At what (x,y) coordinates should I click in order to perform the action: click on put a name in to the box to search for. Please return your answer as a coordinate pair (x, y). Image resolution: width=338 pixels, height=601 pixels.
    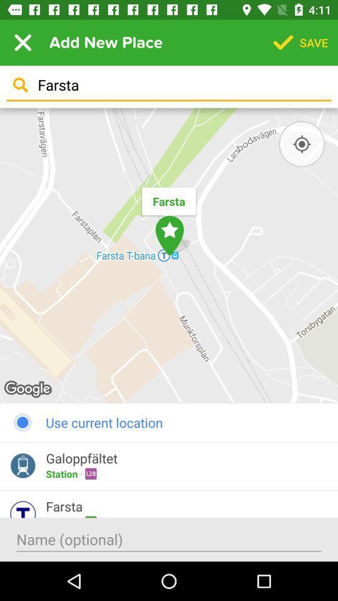
    Looking at the image, I should click on (169, 539).